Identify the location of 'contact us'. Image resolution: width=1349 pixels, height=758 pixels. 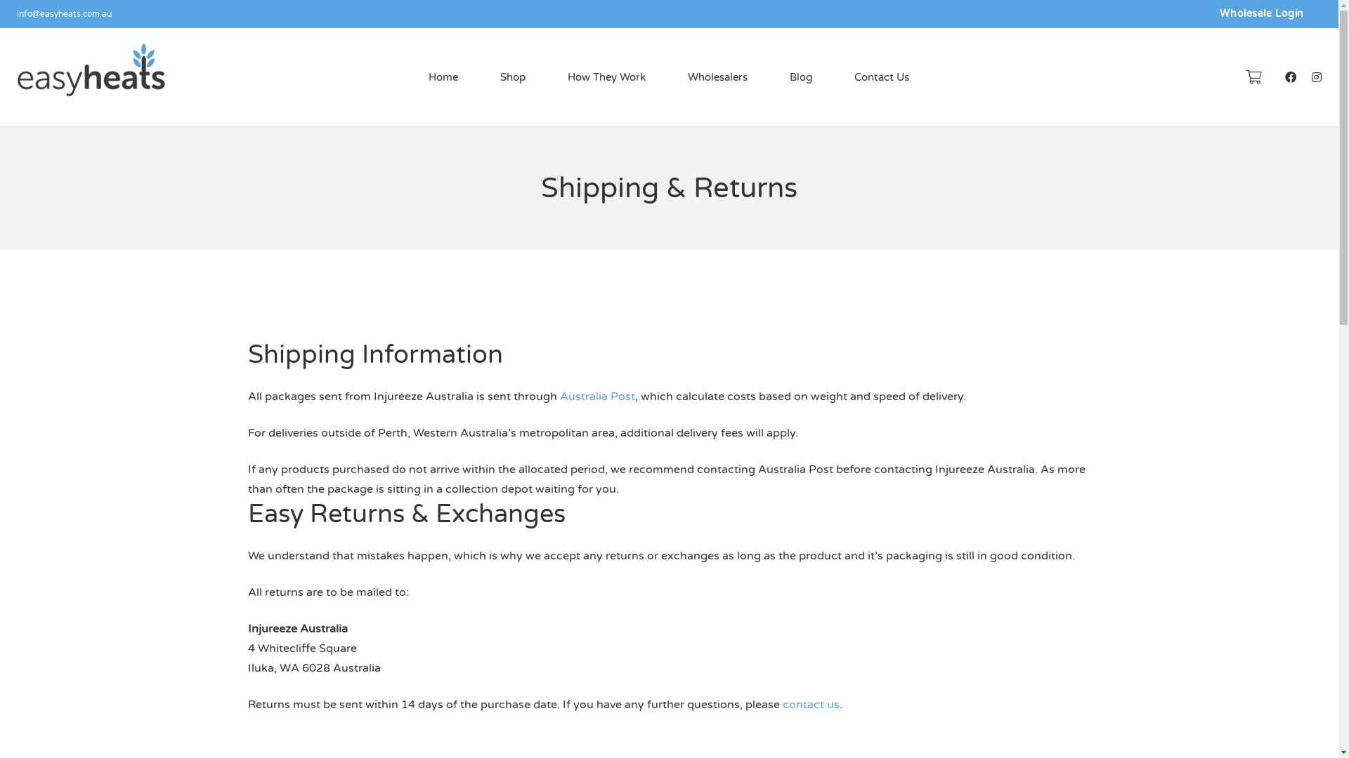
(811, 704).